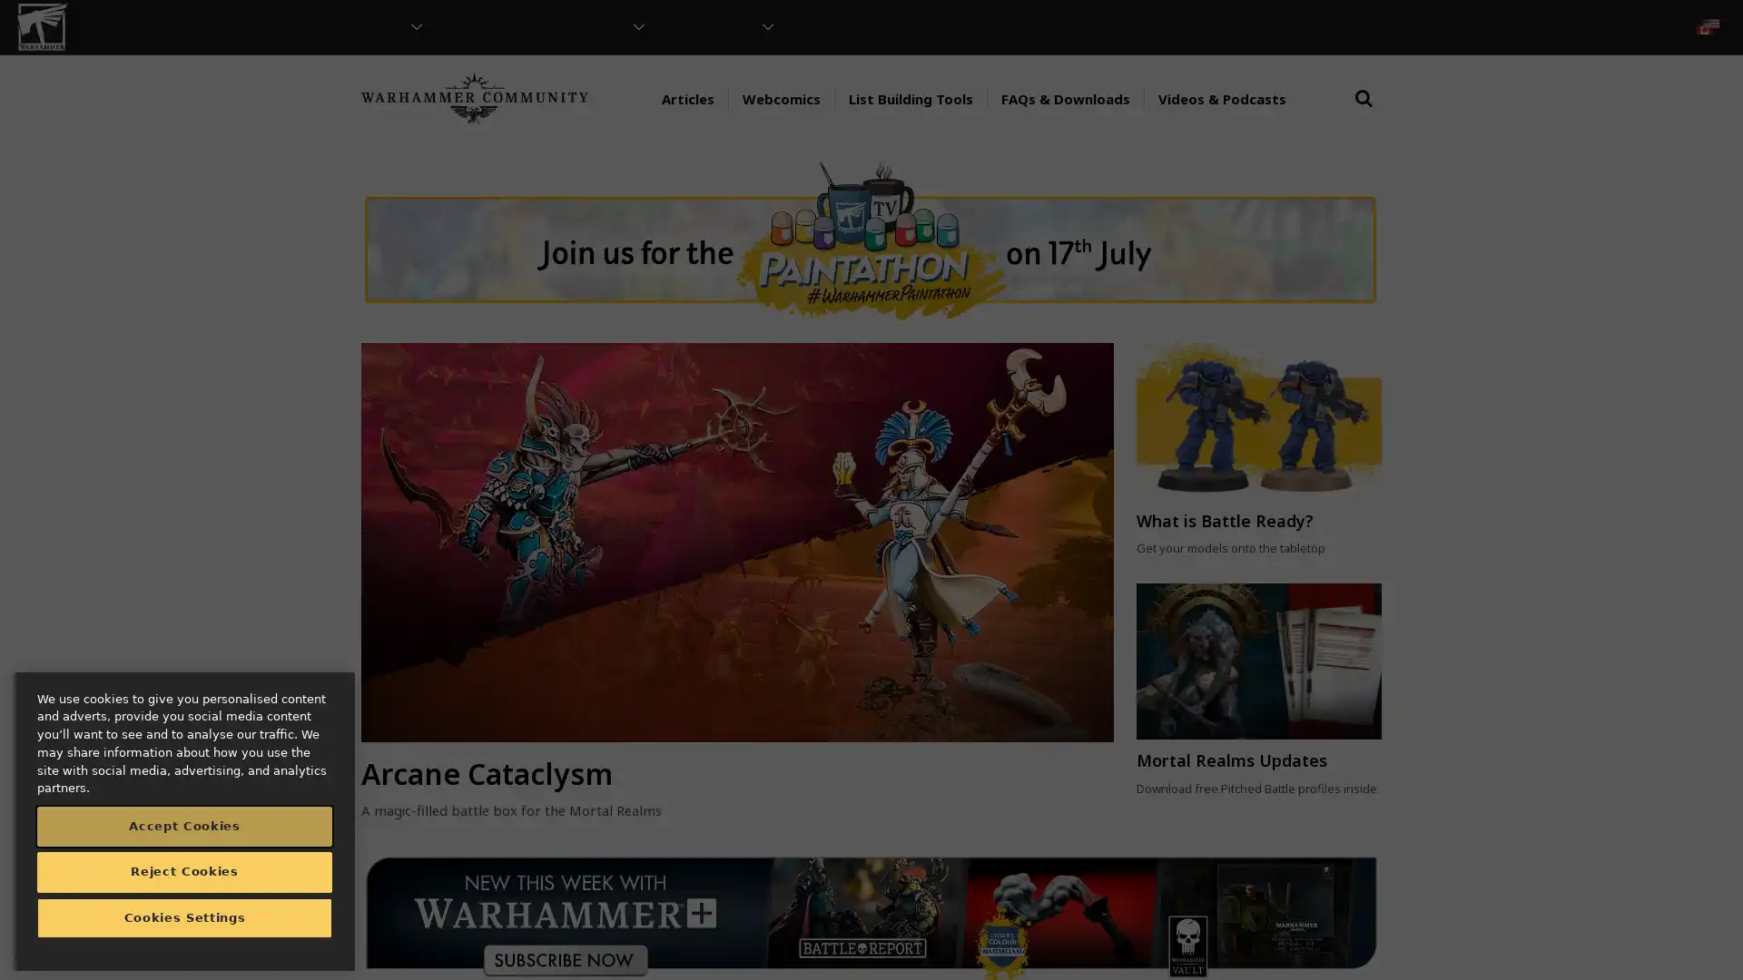  What do you see at coordinates (184, 826) in the screenshot?
I see `Accept Cookies` at bounding box center [184, 826].